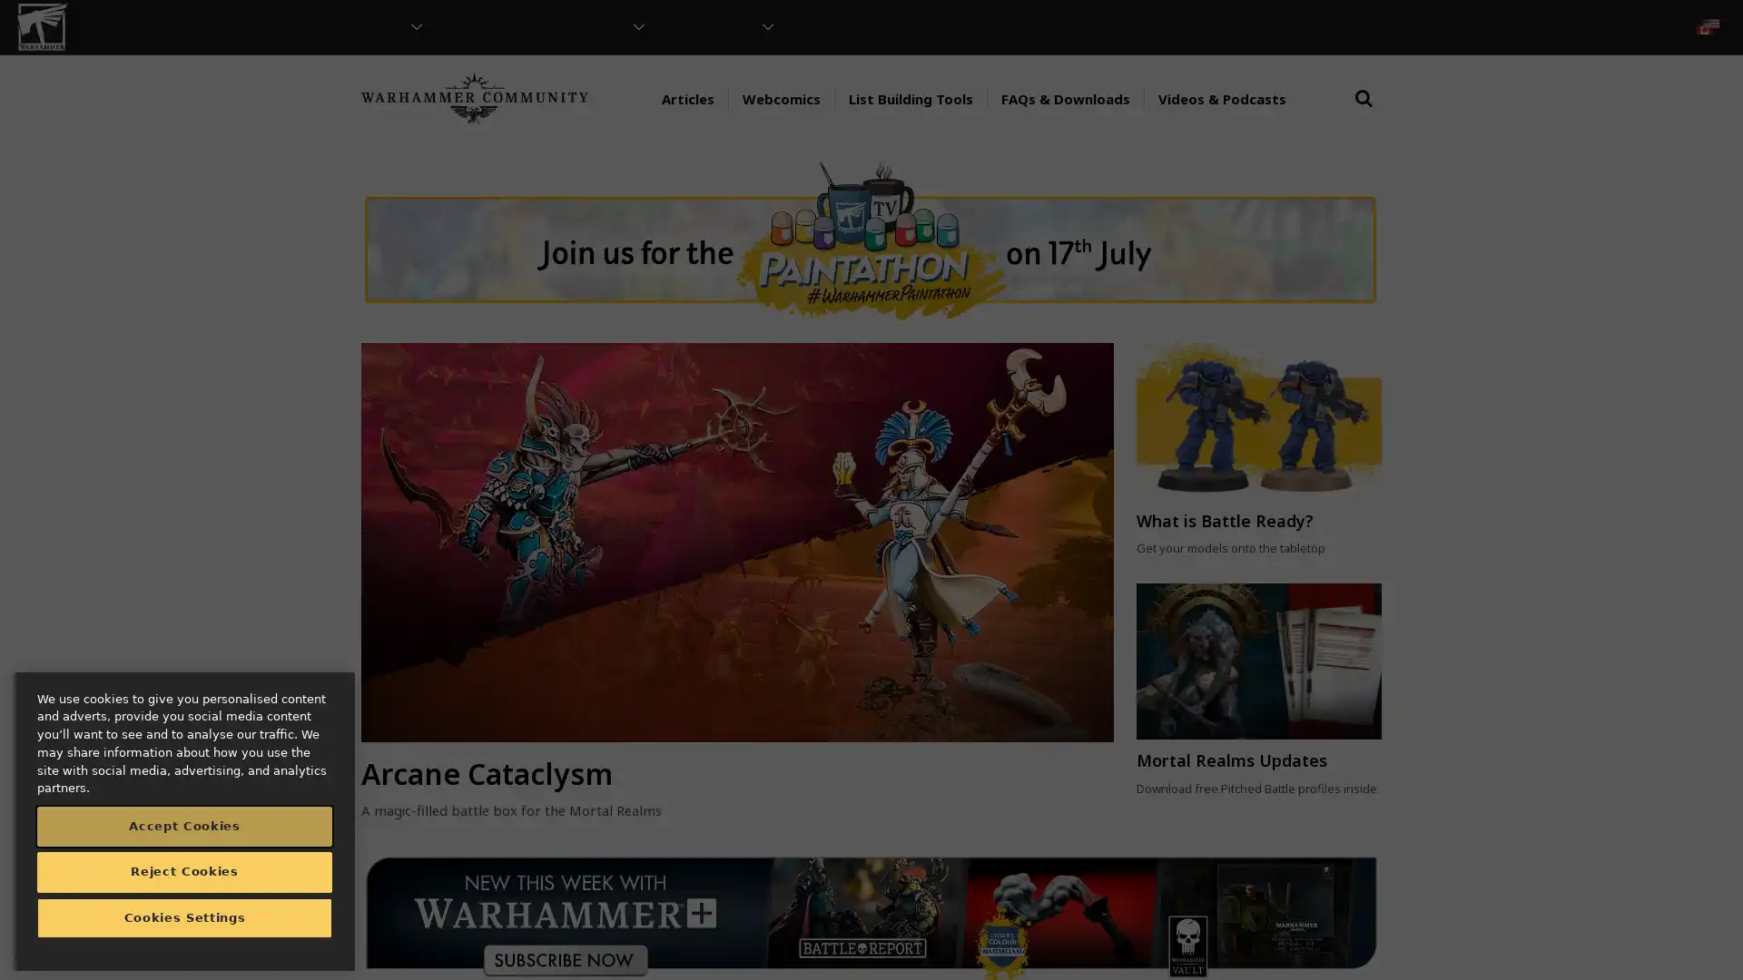  What do you see at coordinates (184, 826) in the screenshot?
I see `Accept Cookies` at bounding box center [184, 826].